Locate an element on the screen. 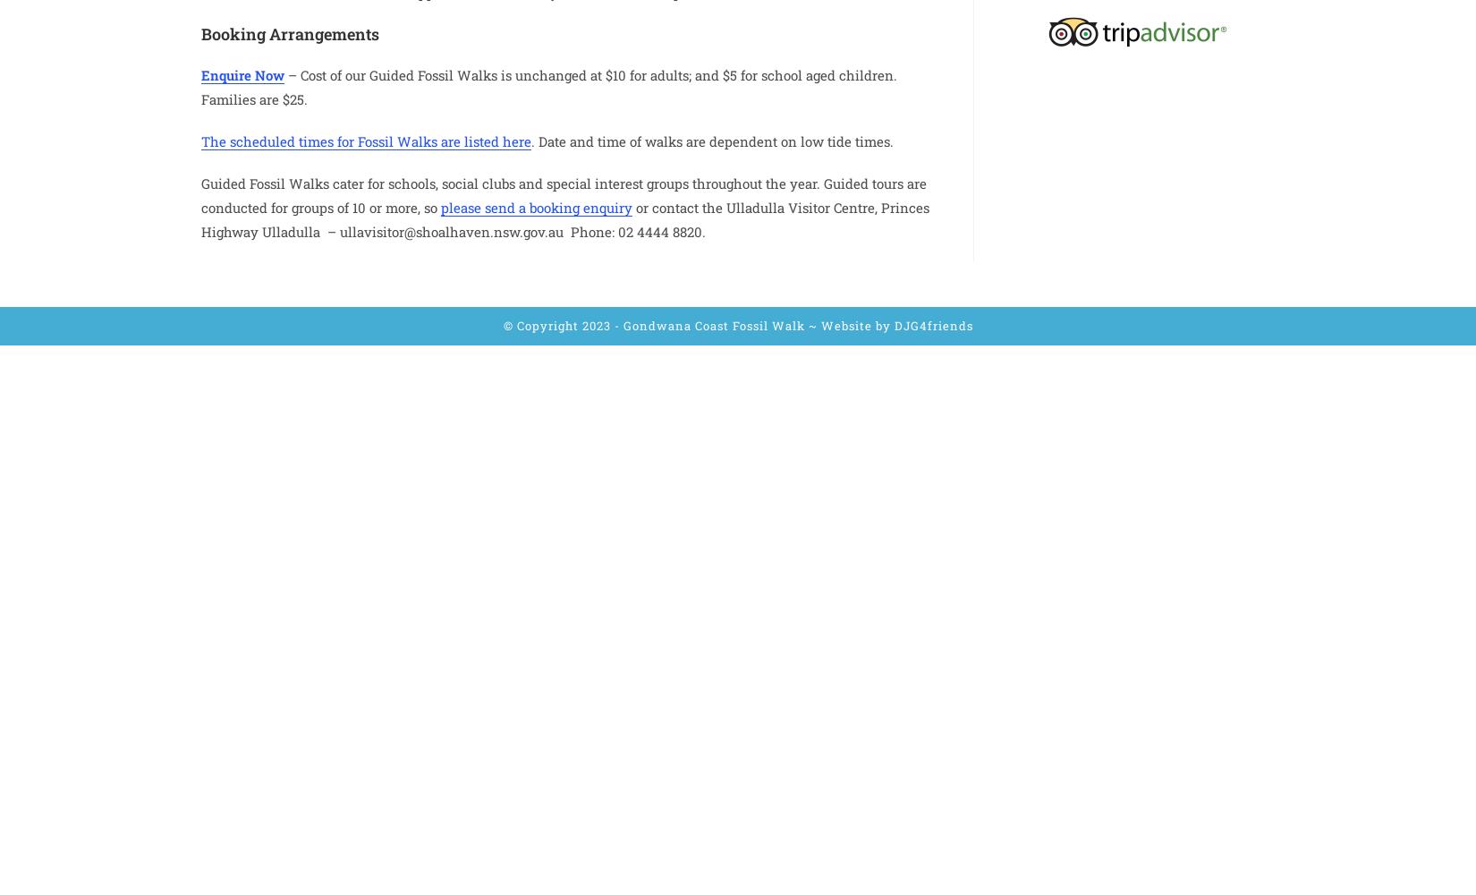 The height and width of the screenshot is (895, 1476). 'The scheduled times for Fossil Walks are listed here' is located at coordinates (366, 141).